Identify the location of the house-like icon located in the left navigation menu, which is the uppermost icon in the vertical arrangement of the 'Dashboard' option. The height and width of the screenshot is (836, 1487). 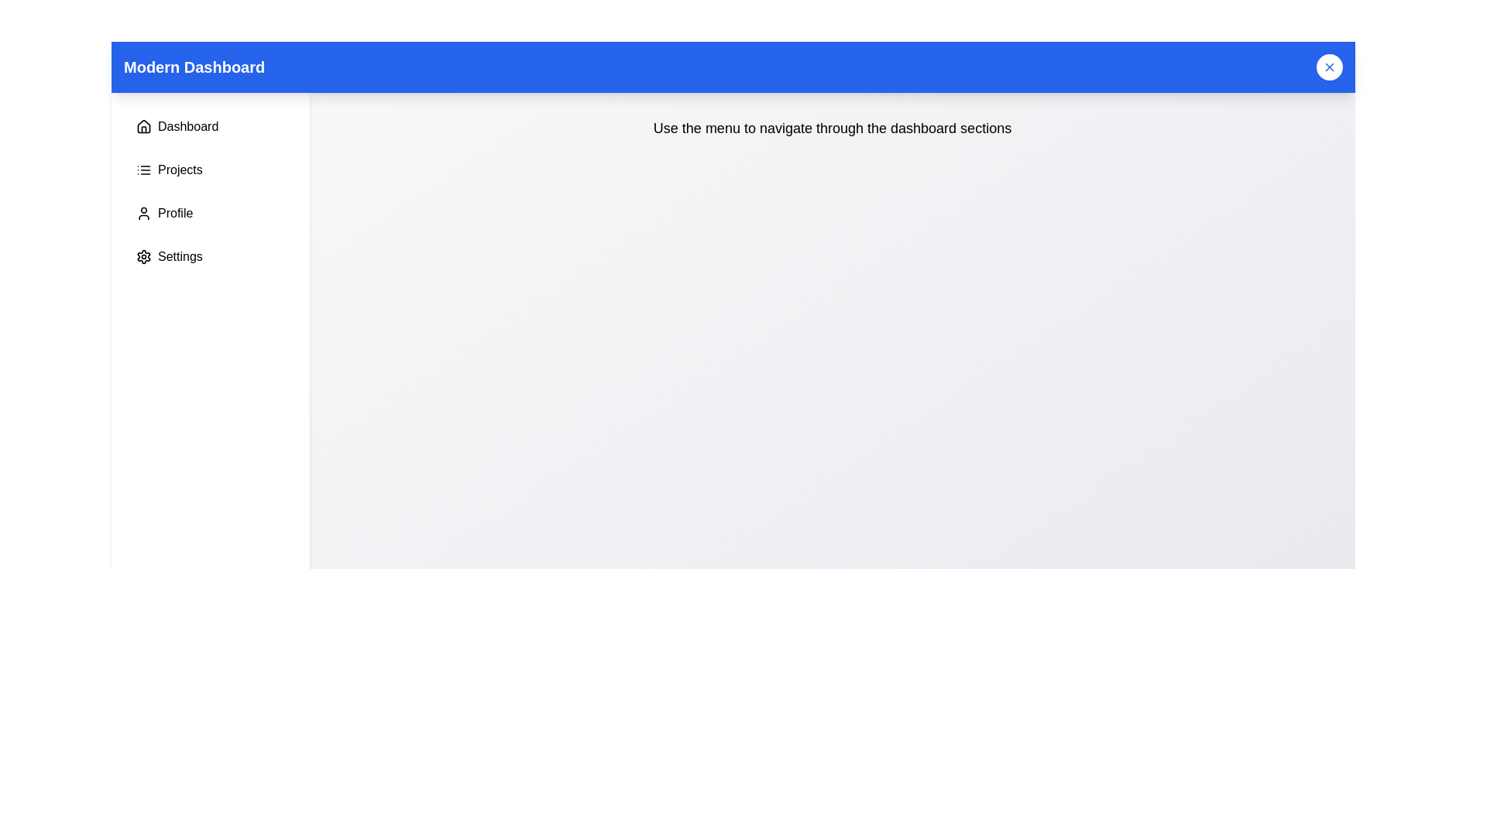
(144, 125).